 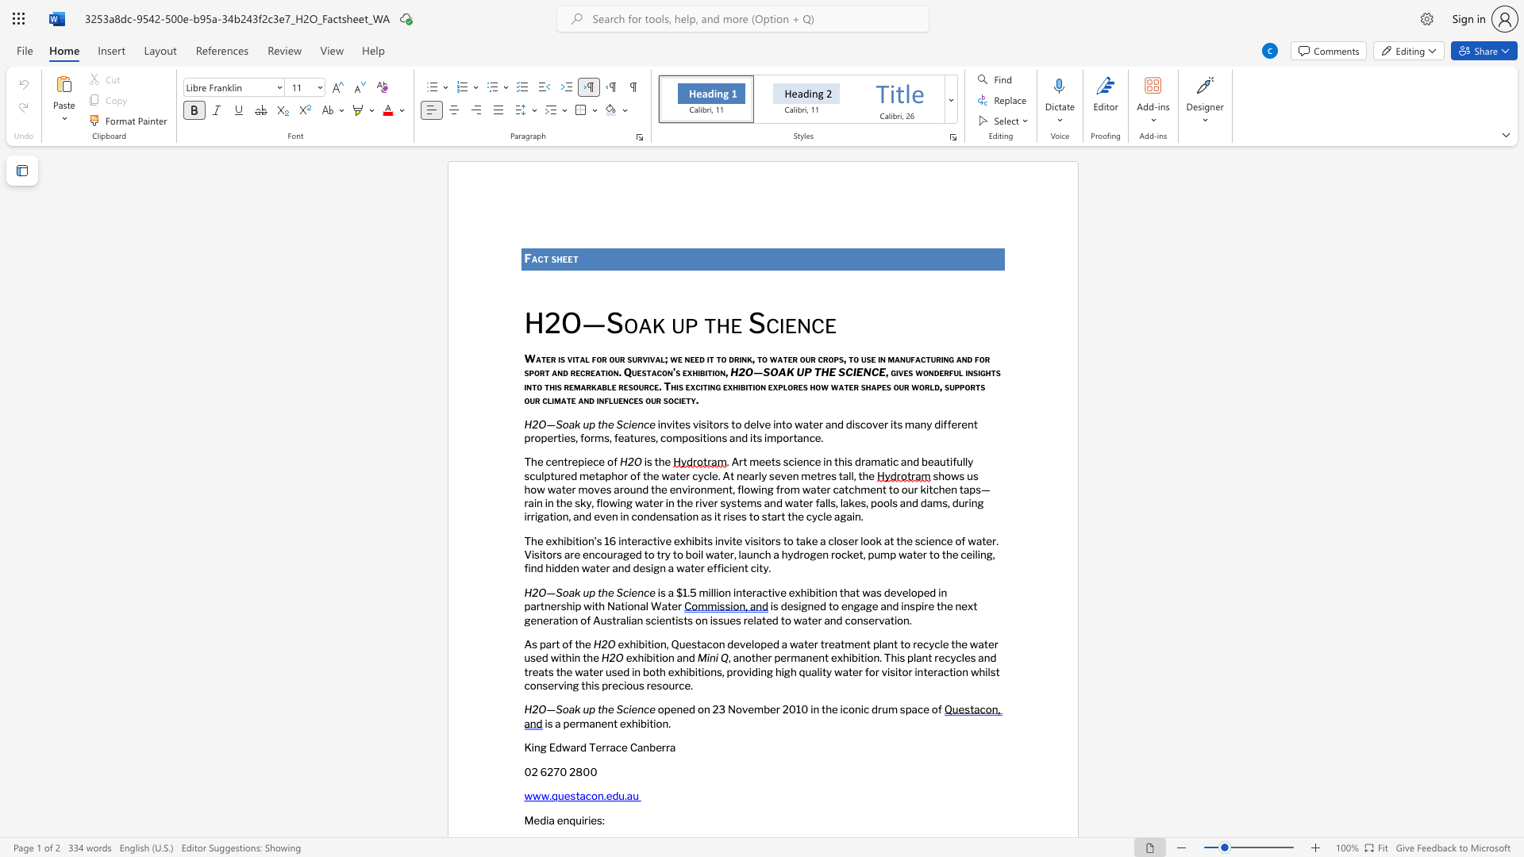 What do you see at coordinates (595, 398) in the screenshot?
I see `the subset text "infl" within the text "and influences our society."` at bounding box center [595, 398].